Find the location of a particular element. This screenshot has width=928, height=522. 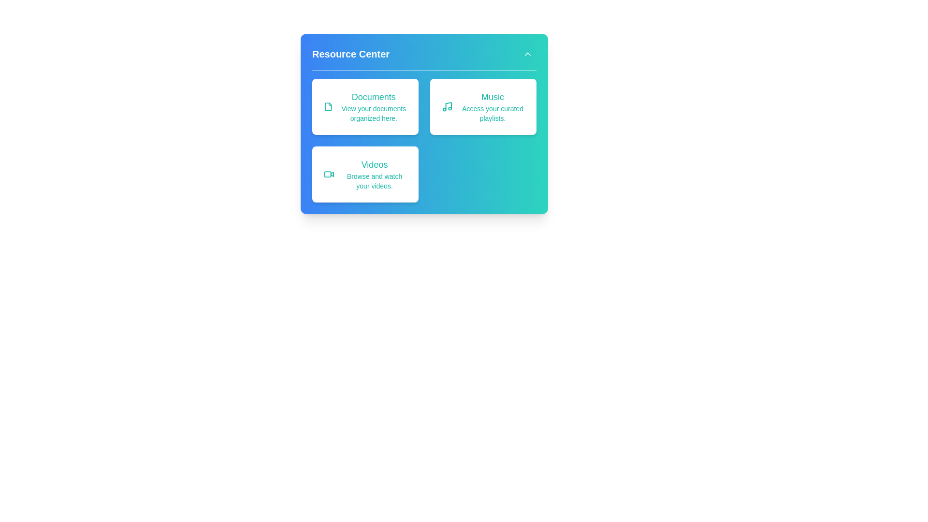

the menu item Documents to view its details is located at coordinates (364, 106).